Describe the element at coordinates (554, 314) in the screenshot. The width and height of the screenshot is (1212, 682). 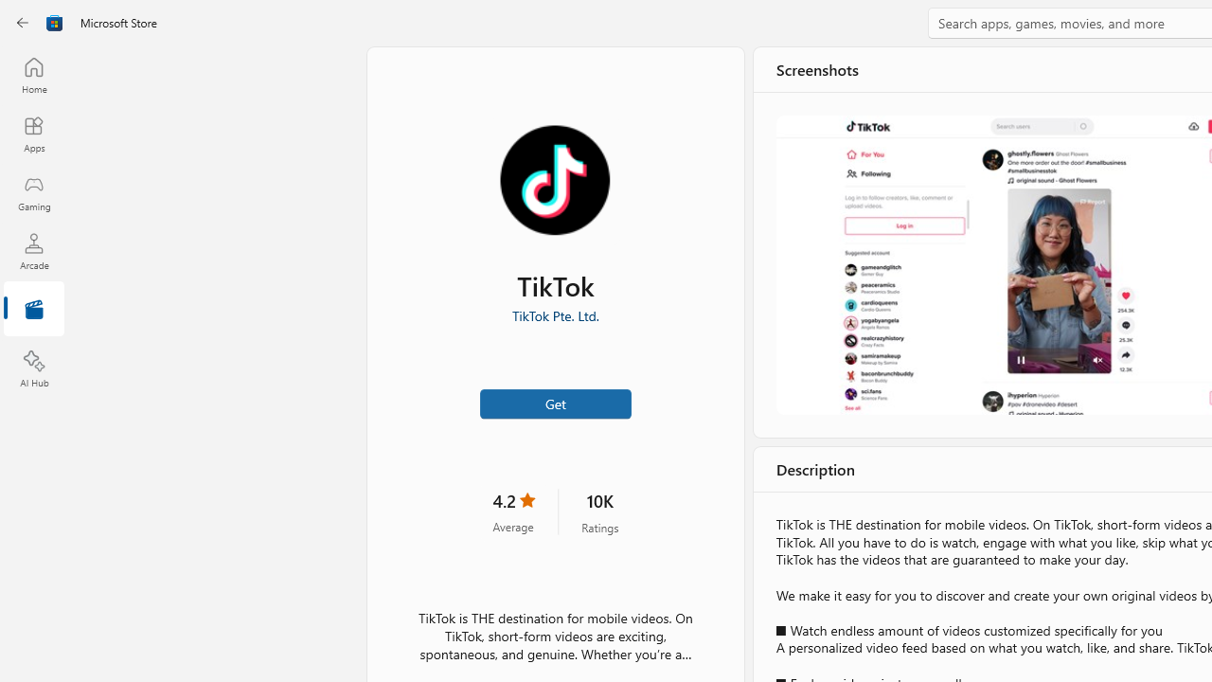
I see `'TikTok Pte. Ltd.'` at that location.